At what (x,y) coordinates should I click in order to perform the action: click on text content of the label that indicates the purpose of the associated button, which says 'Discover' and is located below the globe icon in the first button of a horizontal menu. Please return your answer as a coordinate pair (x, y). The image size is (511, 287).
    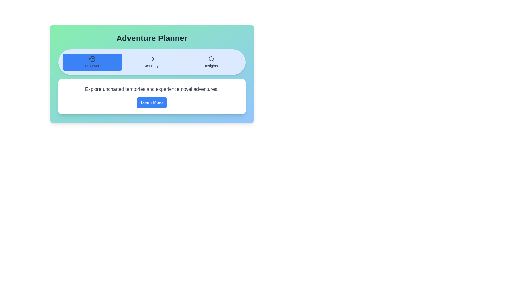
    Looking at the image, I should click on (92, 65).